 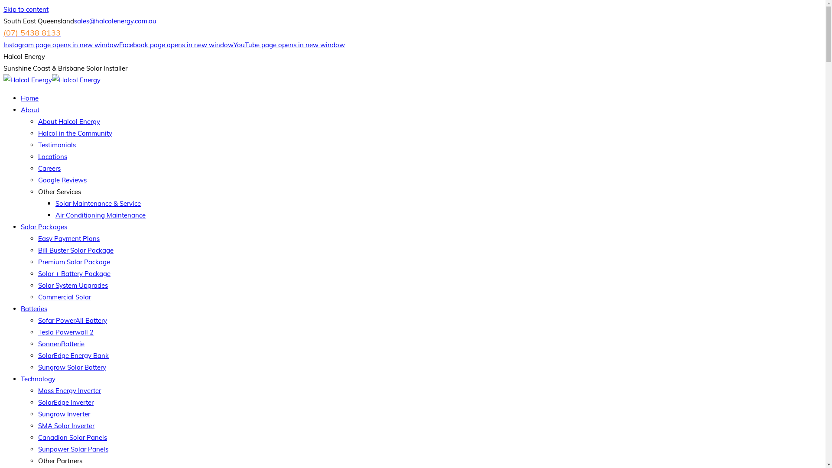 I want to click on 'SolarEdge Inverter', so click(x=65, y=402).